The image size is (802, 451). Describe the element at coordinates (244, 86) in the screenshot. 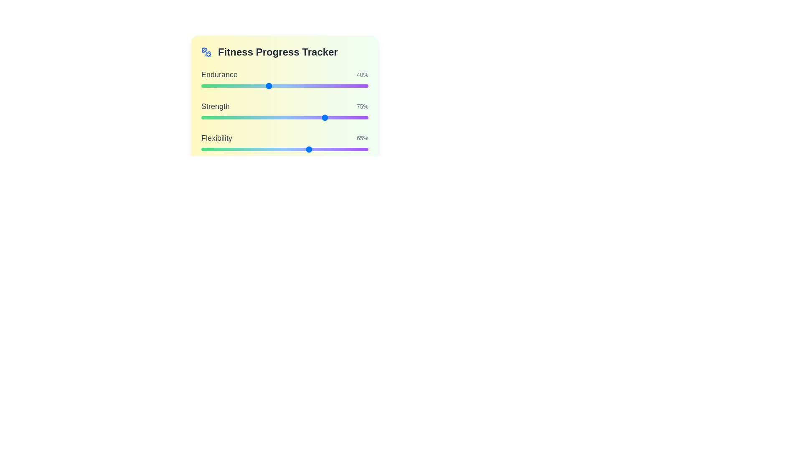

I see `the endurance value` at that location.